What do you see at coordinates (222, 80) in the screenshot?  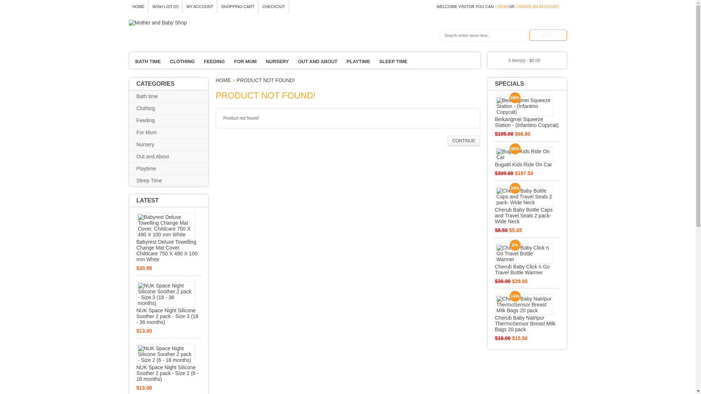 I see `'HOME'` at bounding box center [222, 80].